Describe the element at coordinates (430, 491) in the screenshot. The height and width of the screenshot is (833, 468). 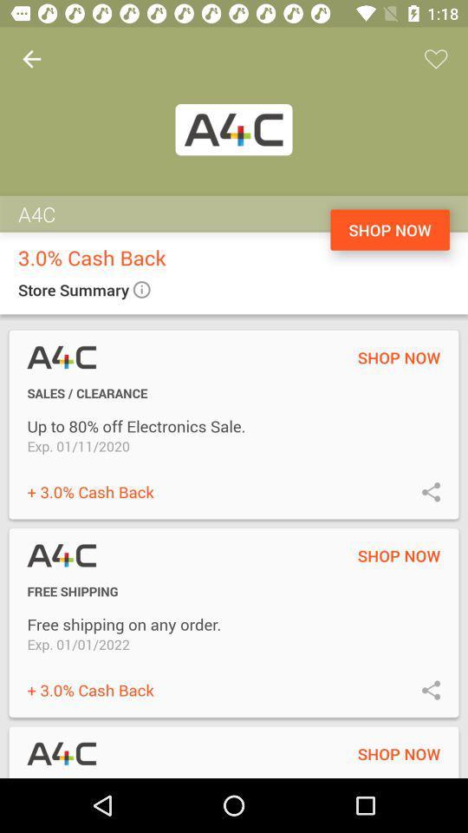
I see `share` at that location.